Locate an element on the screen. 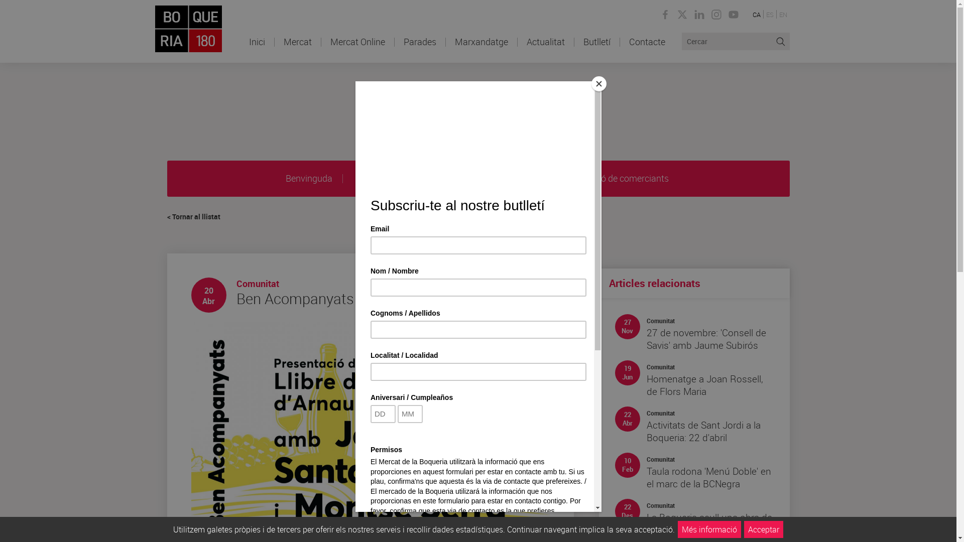 The height and width of the screenshot is (542, 964). 'Marxandatge' is located at coordinates (481, 50).